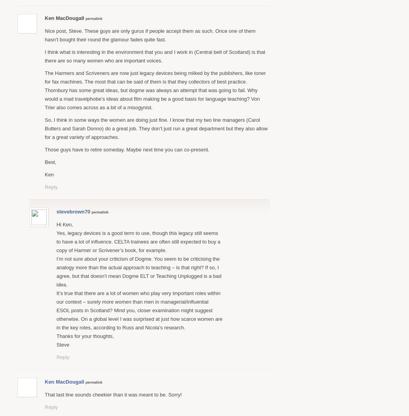 This screenshot has width=409, height=416. Describe the element at coordinates (127, 149) in the screenshot. I see `'Those guys have to retire someday. Maybe next time you can co-present.'` at that location.